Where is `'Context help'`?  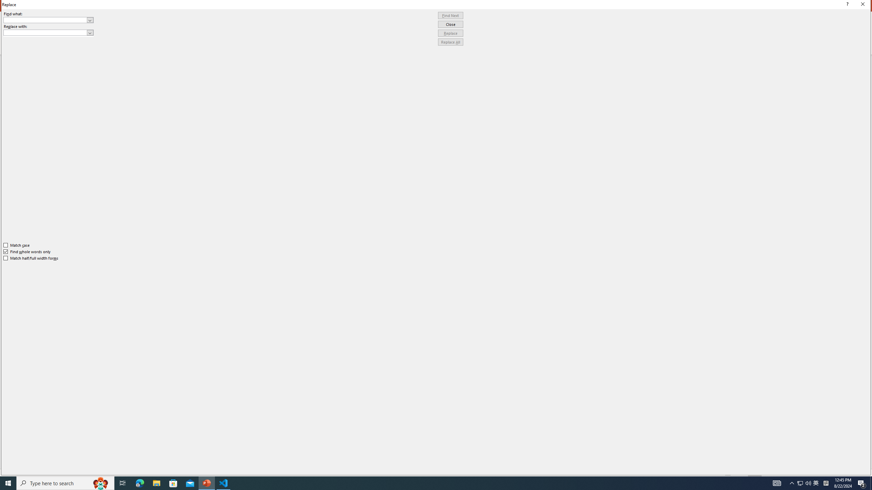 'Context help' is located at coordinates (846, 5).